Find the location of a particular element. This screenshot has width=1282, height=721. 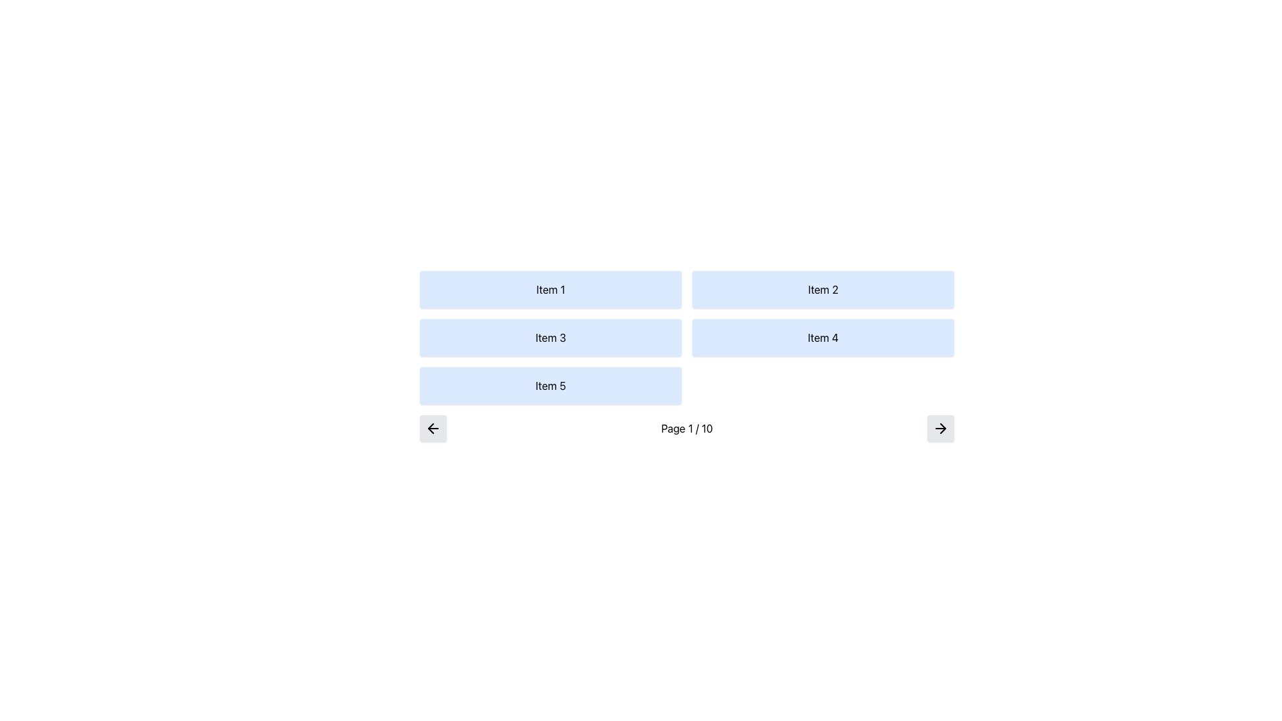

the button-like grid item that serves as a visual indicator or selector for 'Item 2', located in the top row of a grid layout, second item from the left is located at coordinates (823, 289).